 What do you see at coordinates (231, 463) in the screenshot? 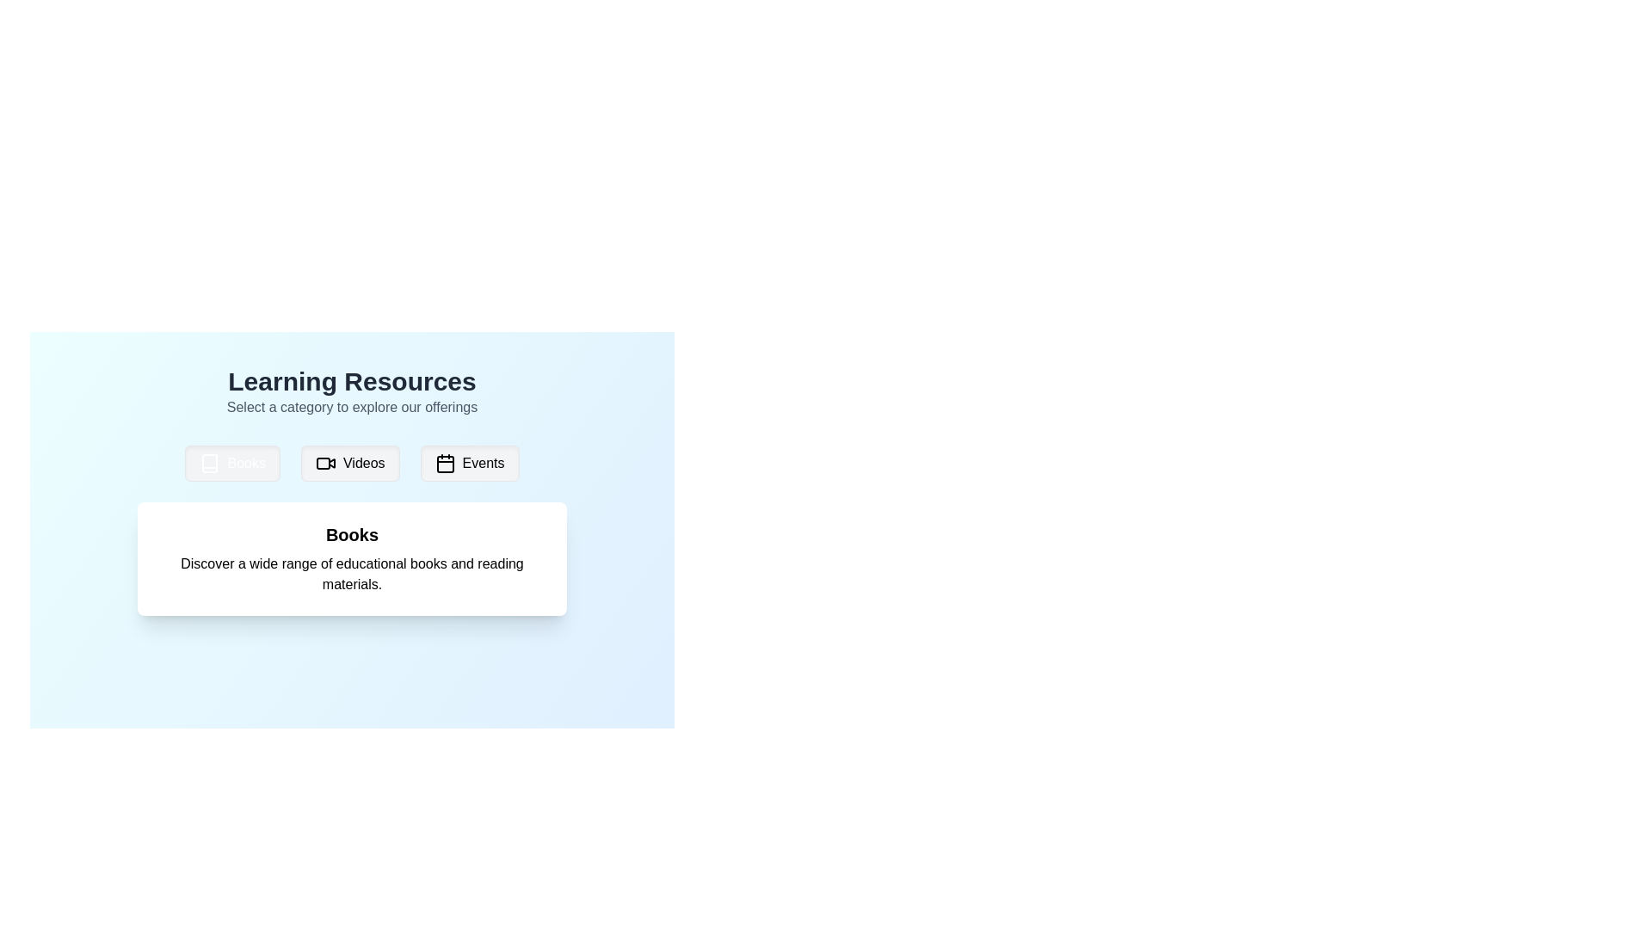
I see `the first button on the left that navigates to the books section` at bounding box center [231, 463].